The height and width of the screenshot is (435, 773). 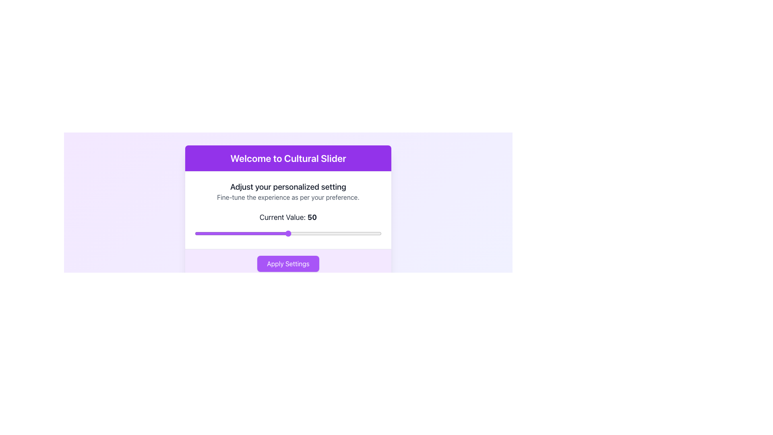 What do you see at coordinates (288, 191) in the screenshot?
I see `the Informational Text Block that contains the lines 'Adjust your personalized setting' and 'Fine-tune the experience as per your preference'` at bounding box center [288, 191].